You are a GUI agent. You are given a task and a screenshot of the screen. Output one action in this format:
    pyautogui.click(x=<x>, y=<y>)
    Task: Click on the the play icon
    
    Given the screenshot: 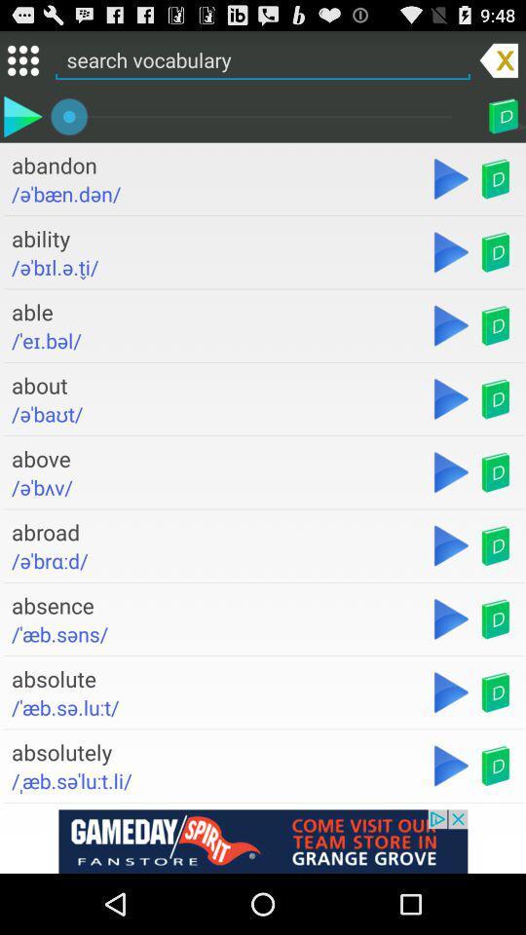 What is the action you would take?
    pyautogui.click(x=21, y=123)
    